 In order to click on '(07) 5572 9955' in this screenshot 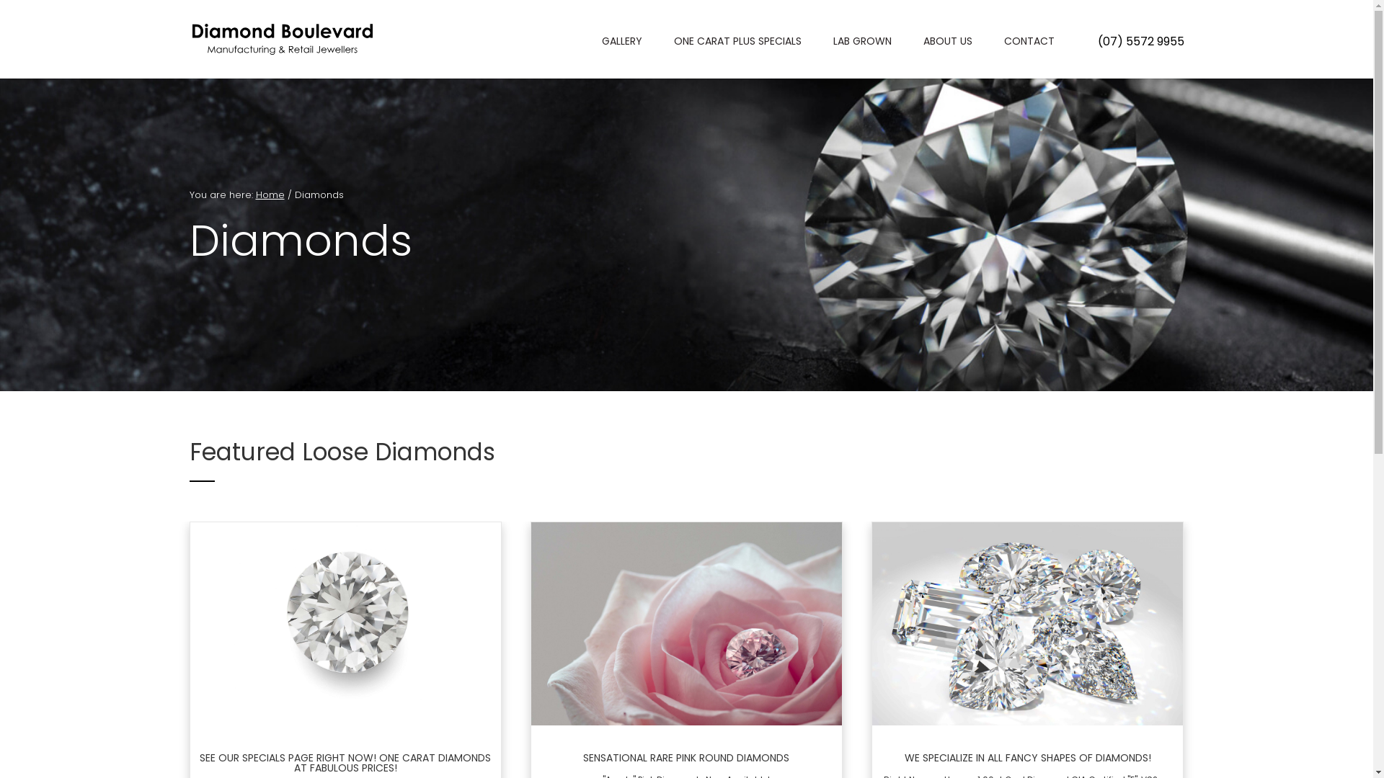, I will do `click(1140, 40)`.